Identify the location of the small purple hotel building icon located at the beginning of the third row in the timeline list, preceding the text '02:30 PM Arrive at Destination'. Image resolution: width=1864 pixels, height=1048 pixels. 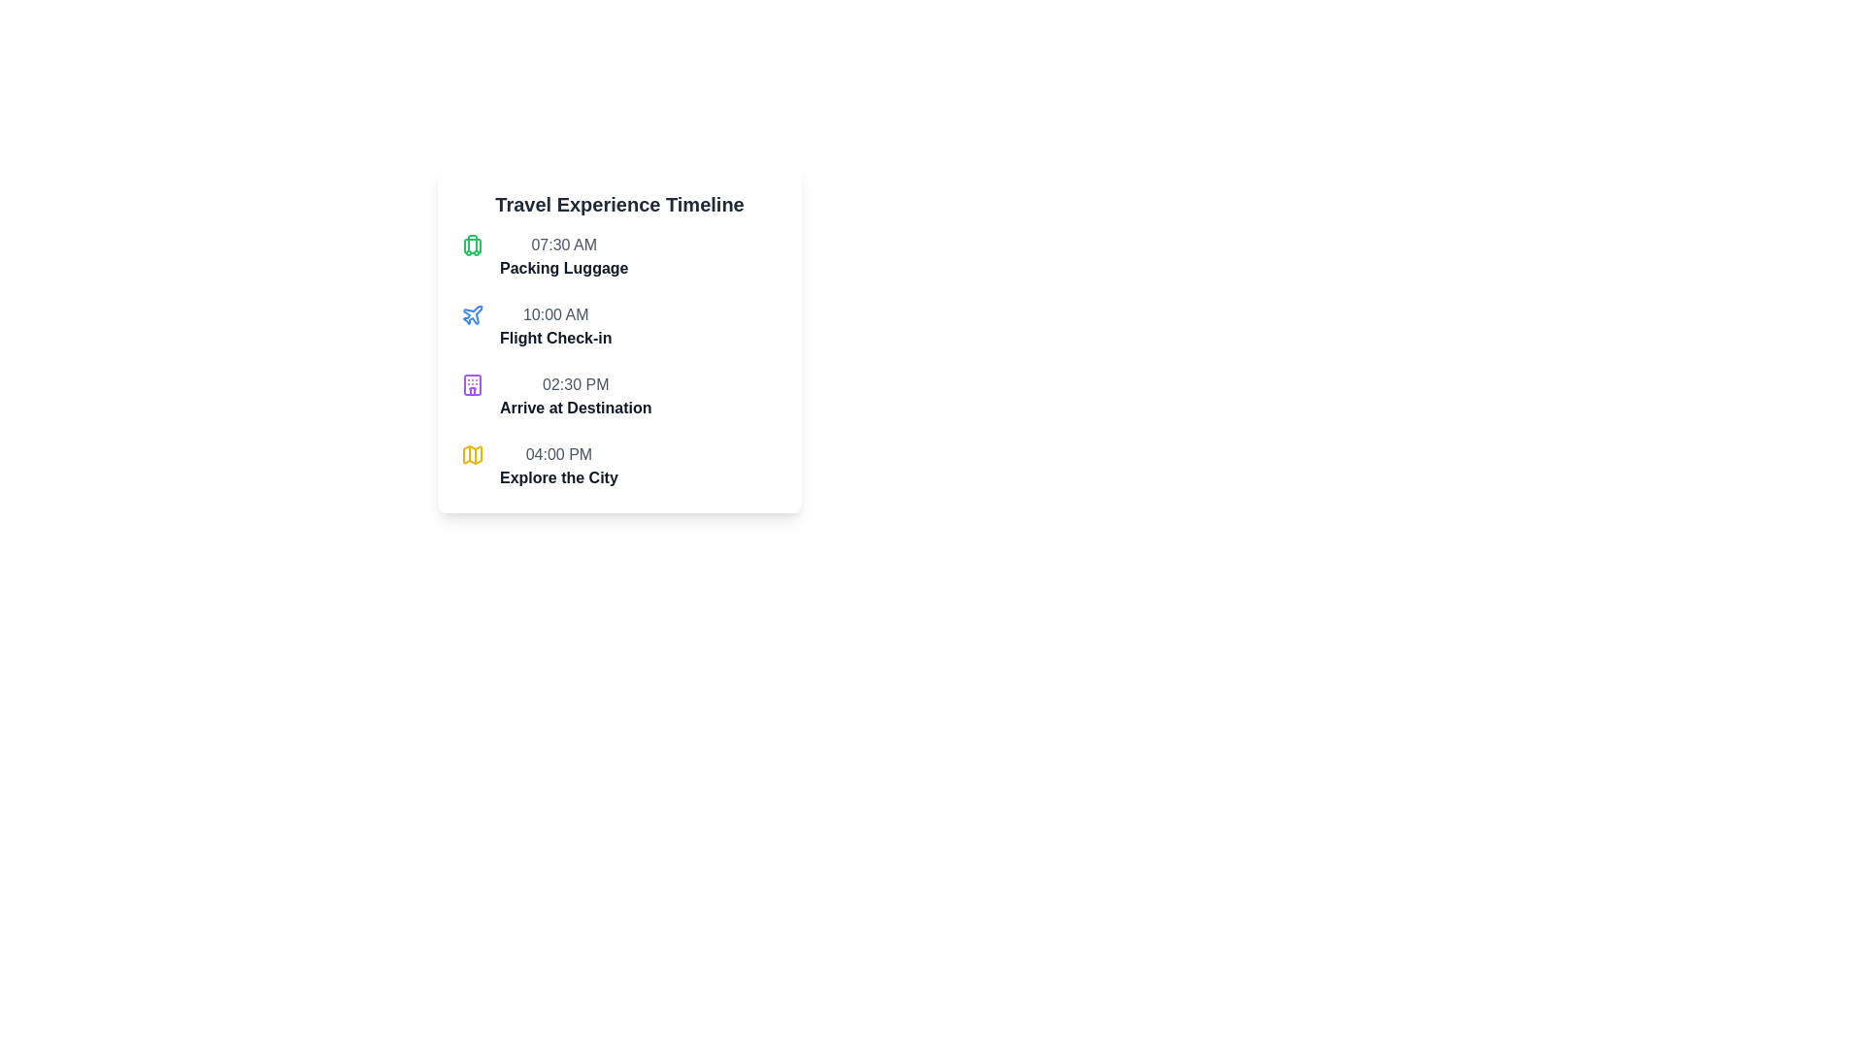
(472, 385).